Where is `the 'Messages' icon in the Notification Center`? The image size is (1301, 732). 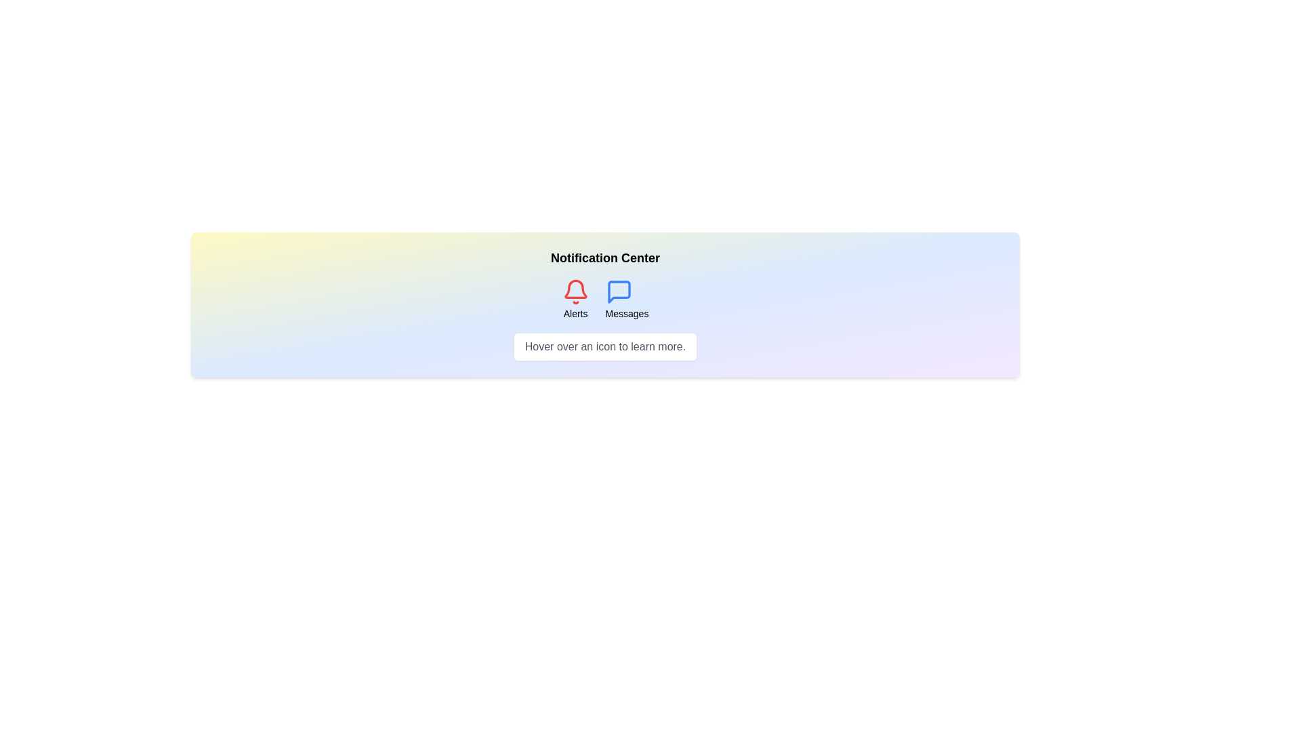
the 'Messages' icon in the Notification Center is located at coordinates (604, 300).